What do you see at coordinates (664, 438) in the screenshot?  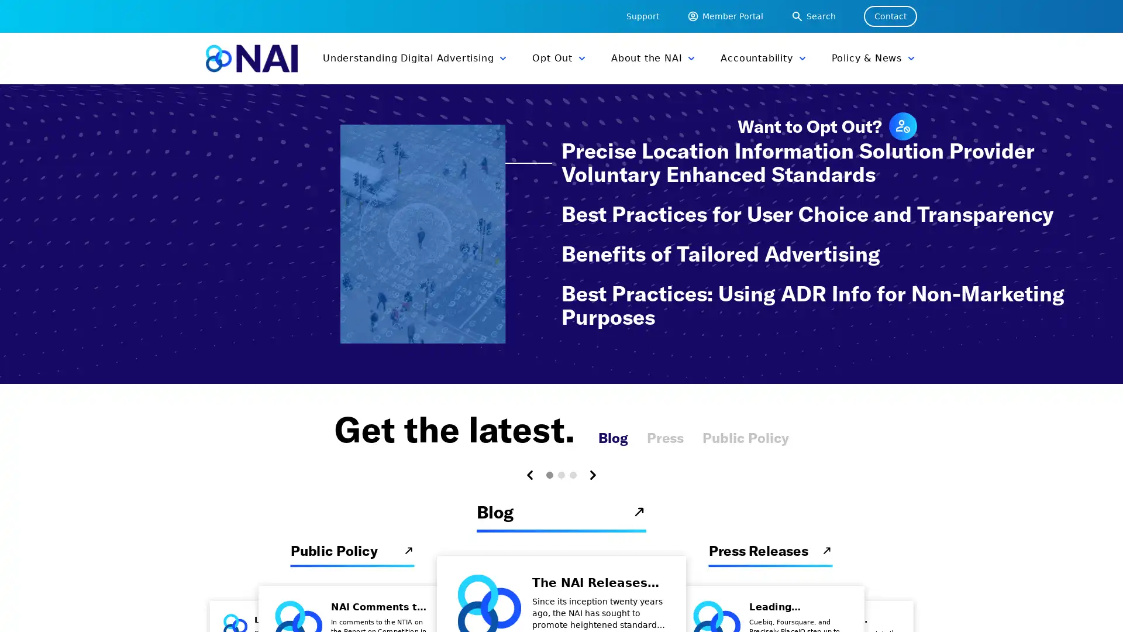 I see `Press` at bounding box center [664, 438].